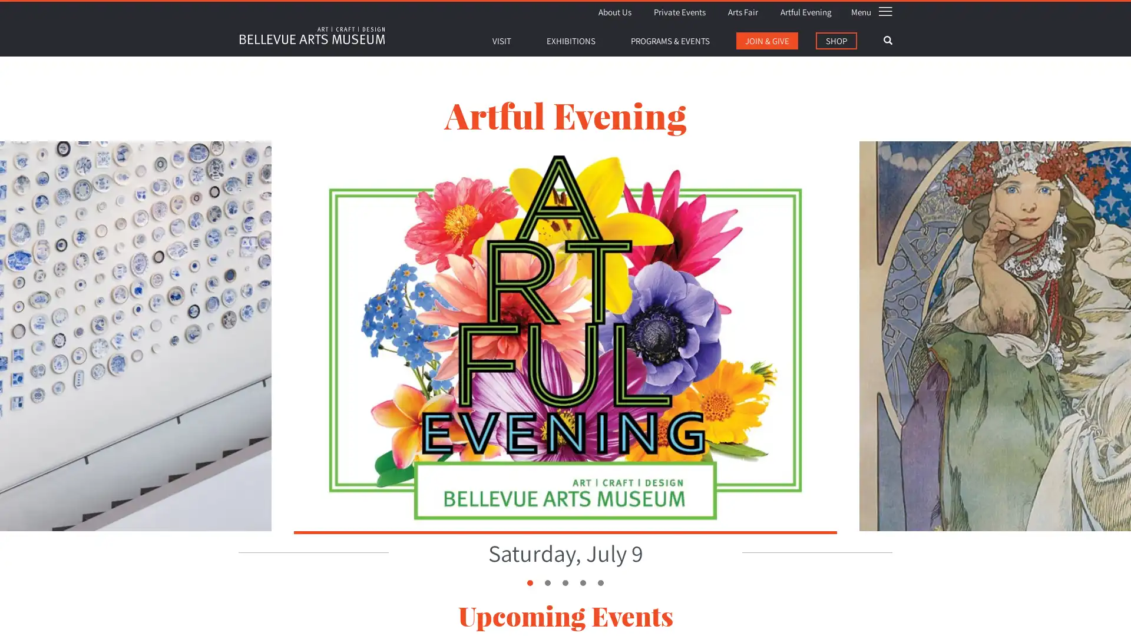  Describe the element at coordinates (547, 583) in the screenshot. I see `2` at that location.